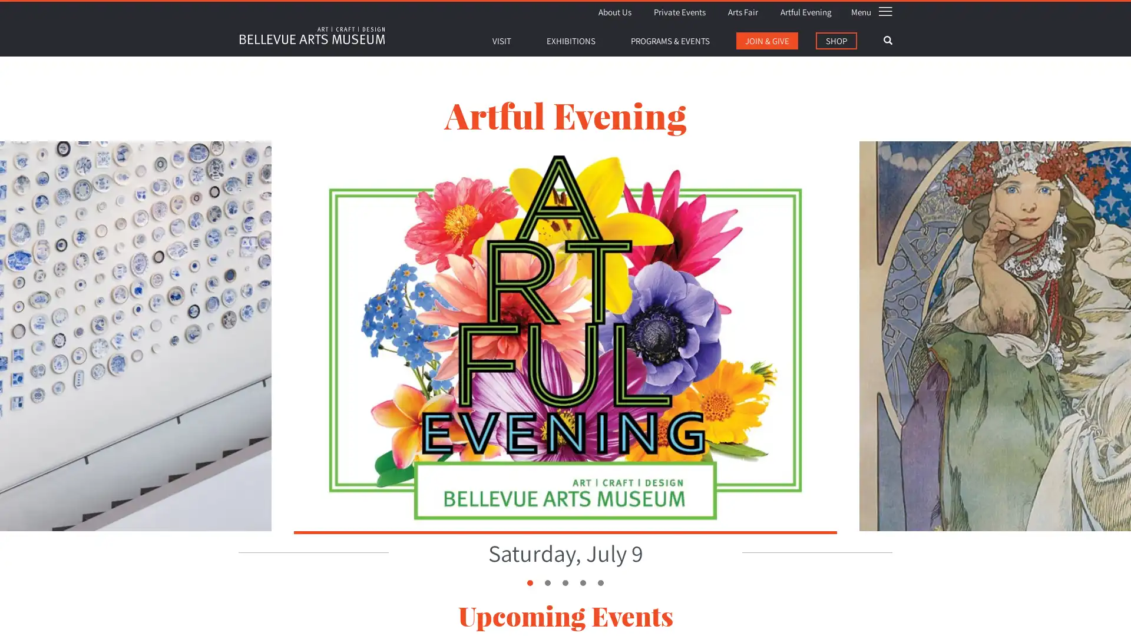  Describe the element at coordinates (547, 583) in the screenshot. I see `2` at that location.